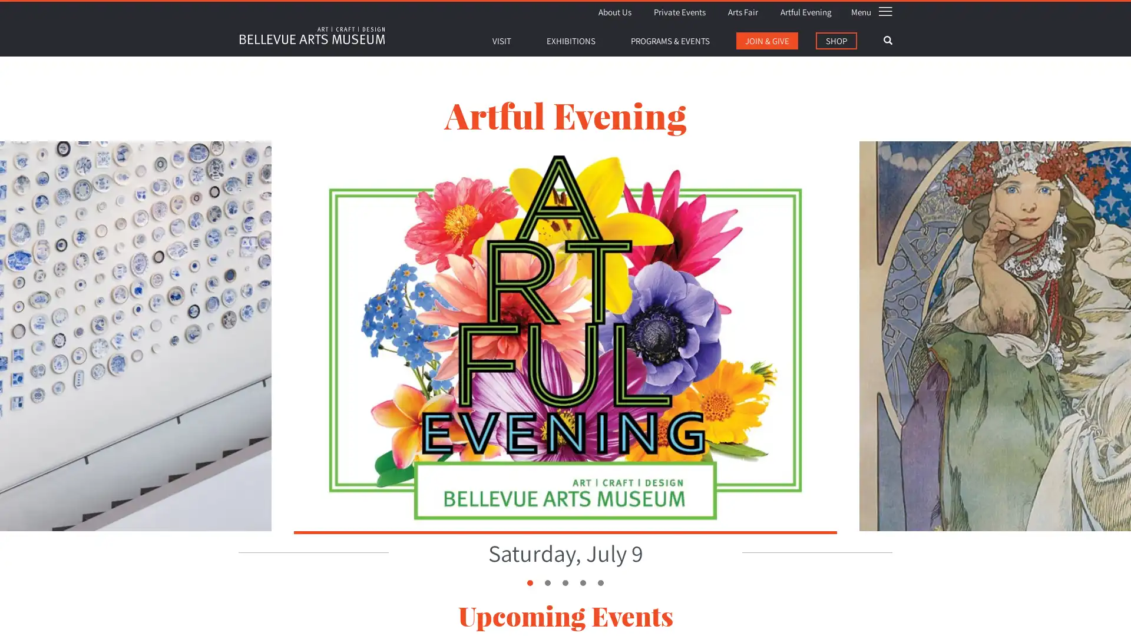  Describe the element at coordinates (547, 583) in the screenshot. I see `2` at that location.